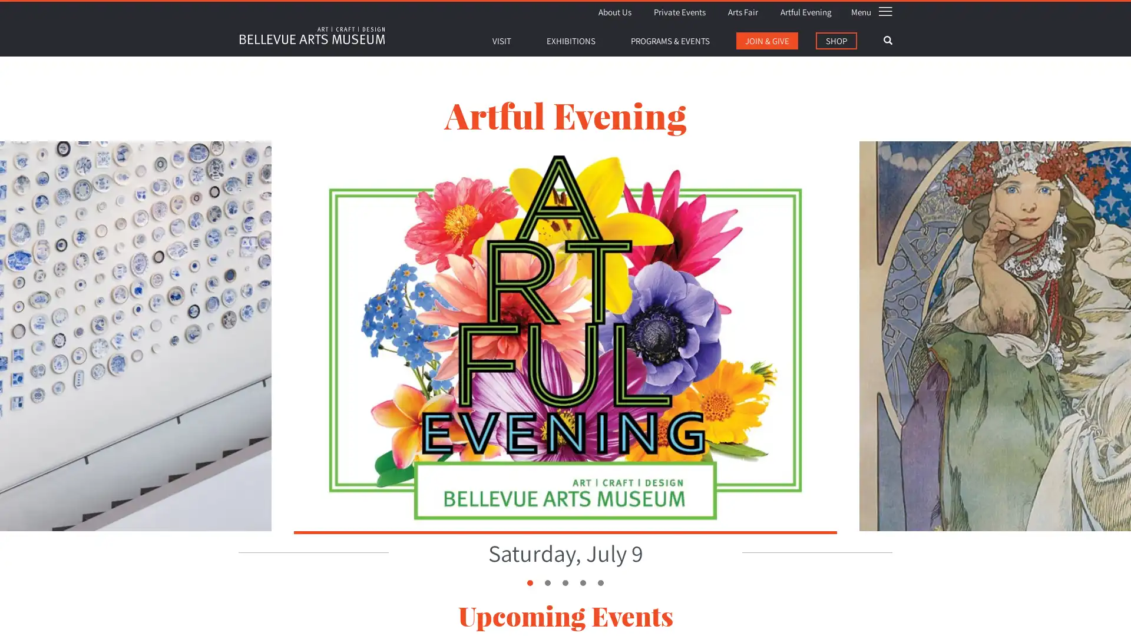  Describe the element at coordinates (547, 583) in the screenshot. I see `2` at that location.